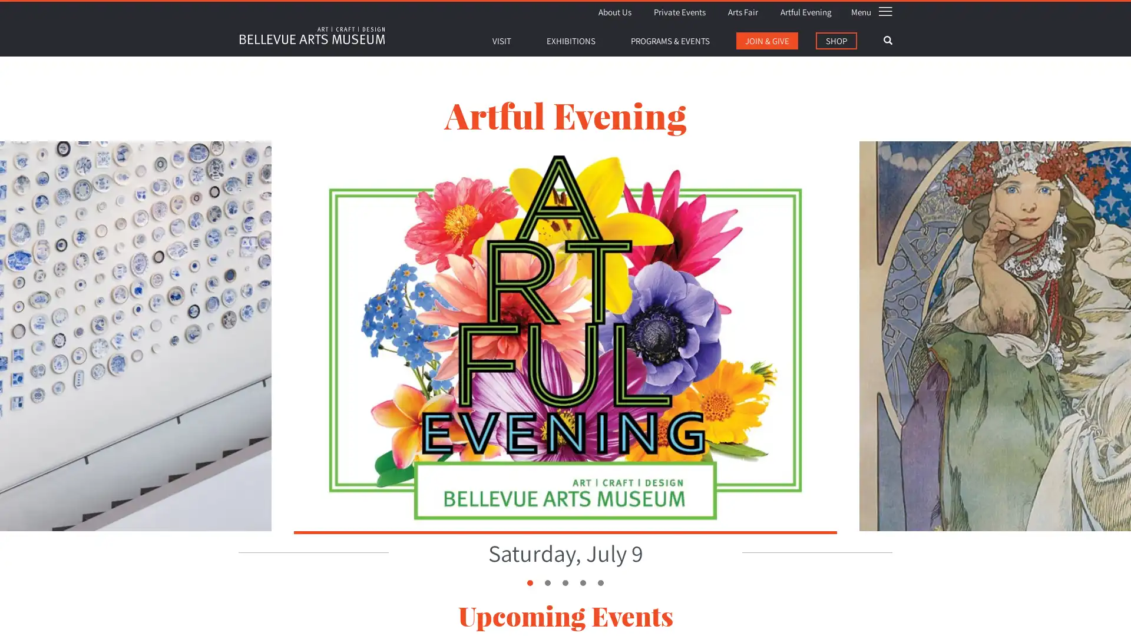  Describe the element at coordinates (547, 583) in the screenshot. I see `2` at that location.